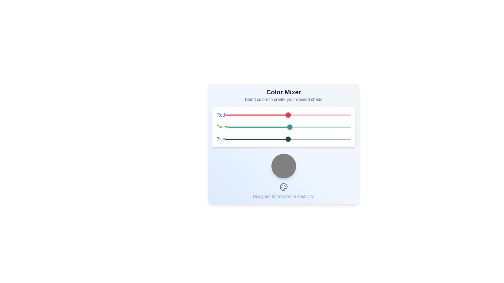 The image size is (504, 283). Describe the element at coordinates (260, 127) in the screenshot. I see `the green slider` at that location.